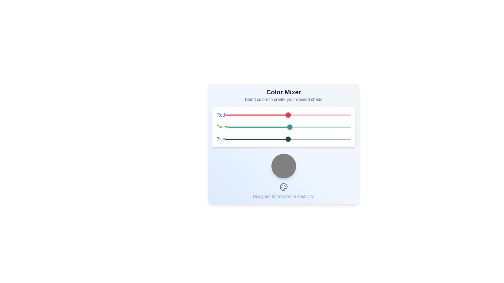 The image size is (504, 283). Describe the element at coordinates (260, 127) in the screenshot. I see `the green slider` at that location.